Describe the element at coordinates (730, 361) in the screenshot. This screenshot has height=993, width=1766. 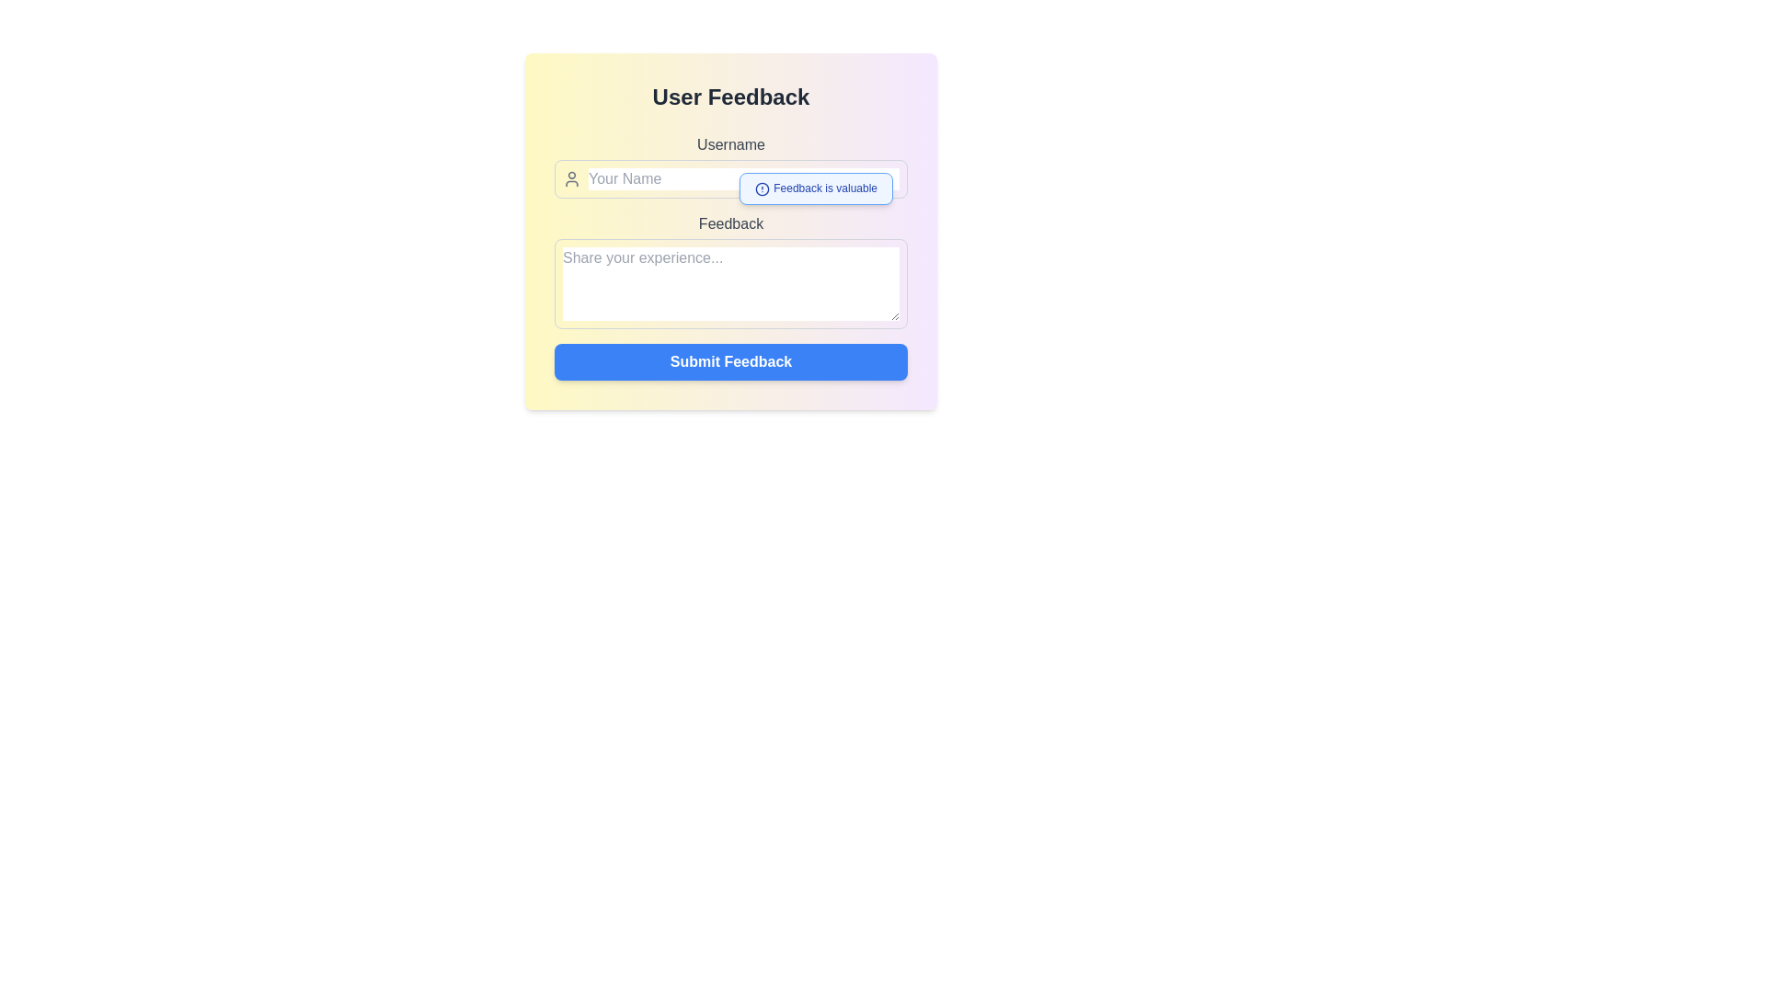
I see `the 'Submit' button located at the bottom of the 'User Feedback' form` at that location.